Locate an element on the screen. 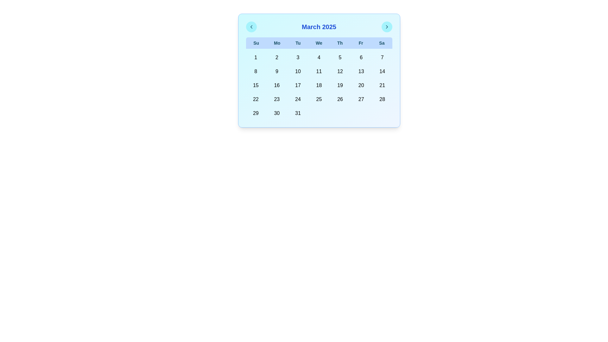  the text label indicating 'Saturday' in the calendar header, which is the seventh element in the row of day abbreviations is located at coordinates (381, 43).